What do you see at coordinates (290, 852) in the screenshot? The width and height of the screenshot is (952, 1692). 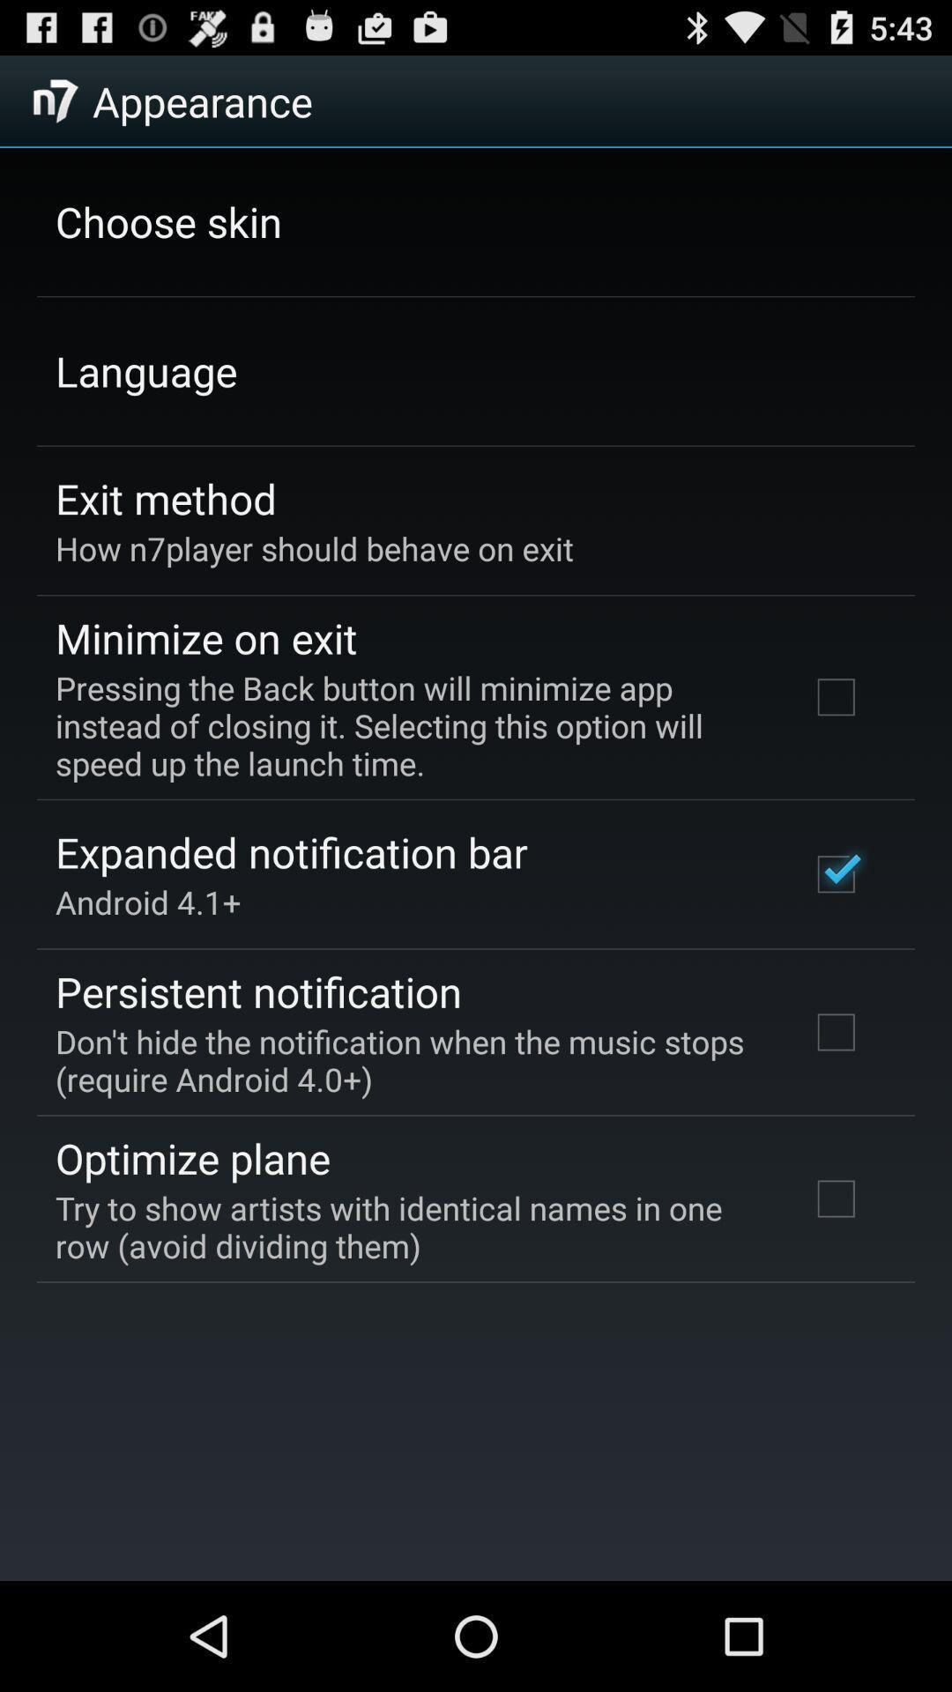 I see `the icon below the pressing the back` at bounding box center [290, 852].